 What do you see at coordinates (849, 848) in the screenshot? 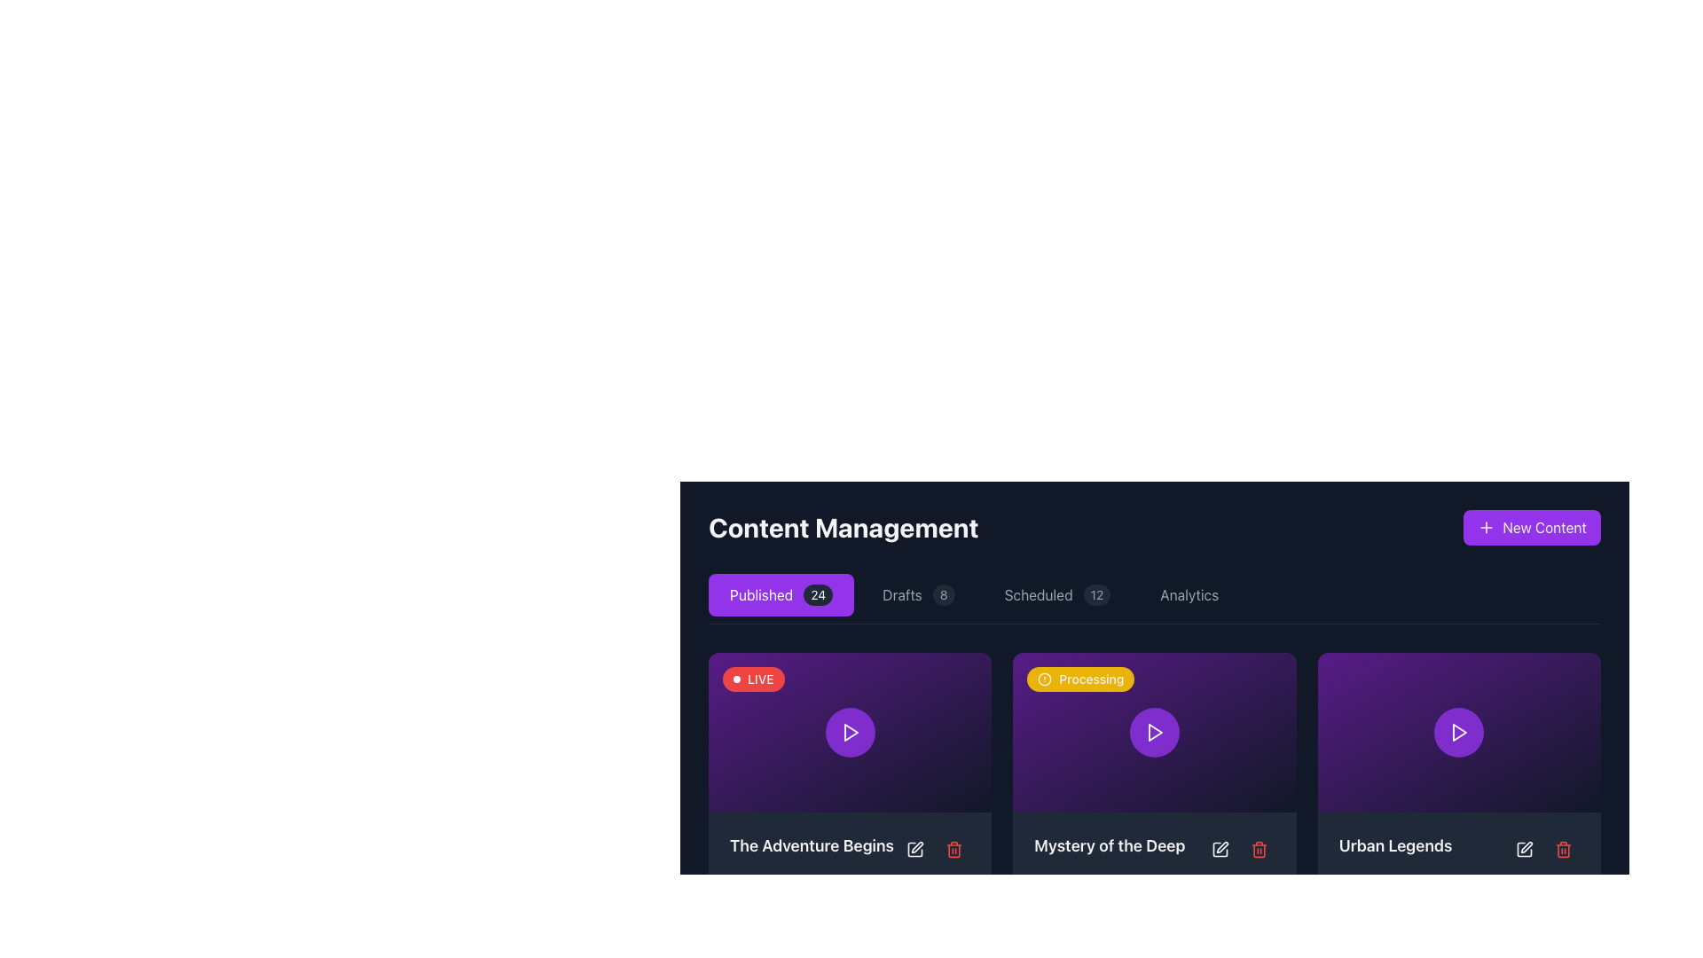
I see `the text label displaying 'The Adventure Begins'` at bounding box center [849, 848].